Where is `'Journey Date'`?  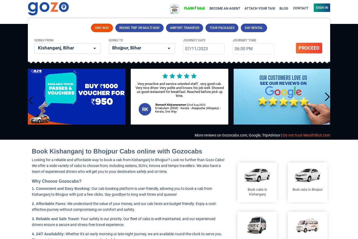
'Journey Date' is located at coordinates (194, 40).